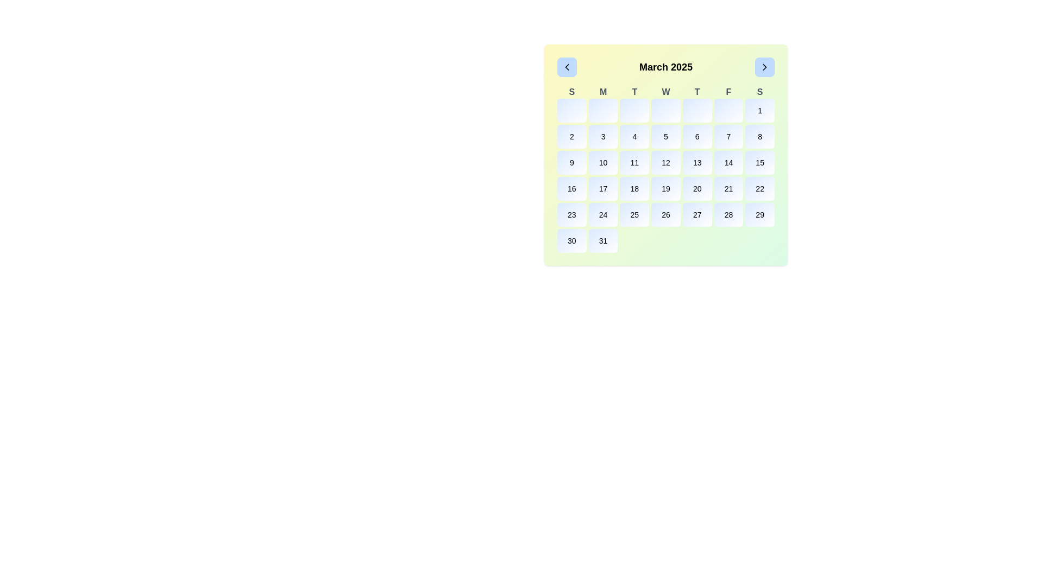  I want to click on the button with rounded corners and a light blue background located in the header section of the calendar display, adjacent to 'March 2025', so click(764, 67).